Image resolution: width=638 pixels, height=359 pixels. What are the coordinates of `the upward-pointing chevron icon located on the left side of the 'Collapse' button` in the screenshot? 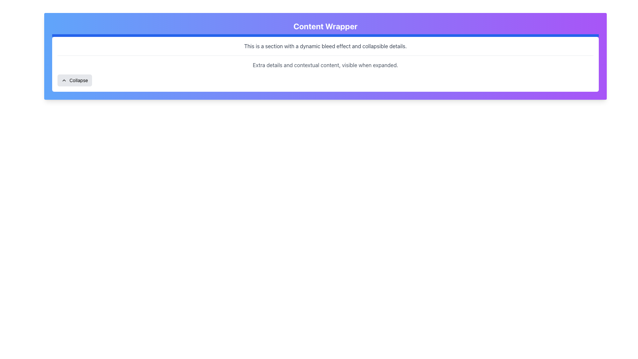 It's located at (64, 80).